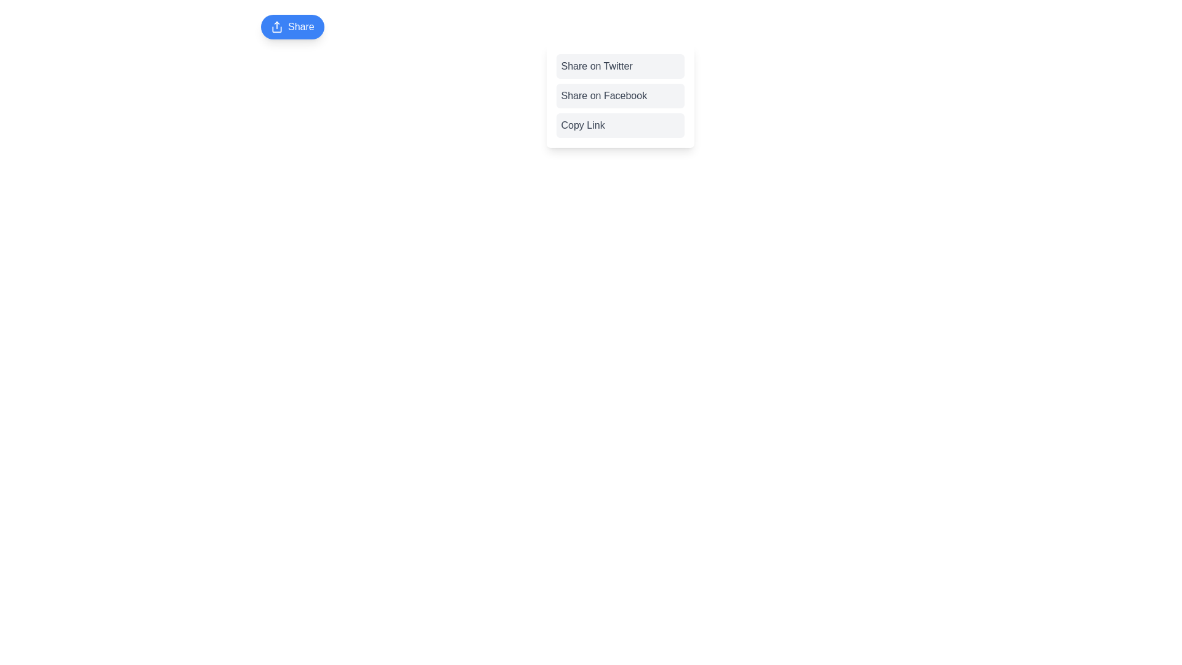 The width and height of the screenshot is (1182, 665). What do you see at coordinates (620, 95) in the screenshot?
I see `the Facebook share button located between the 'Share on Twitter' and 'Copy Link' buttons` at bounding box center [620, 95].